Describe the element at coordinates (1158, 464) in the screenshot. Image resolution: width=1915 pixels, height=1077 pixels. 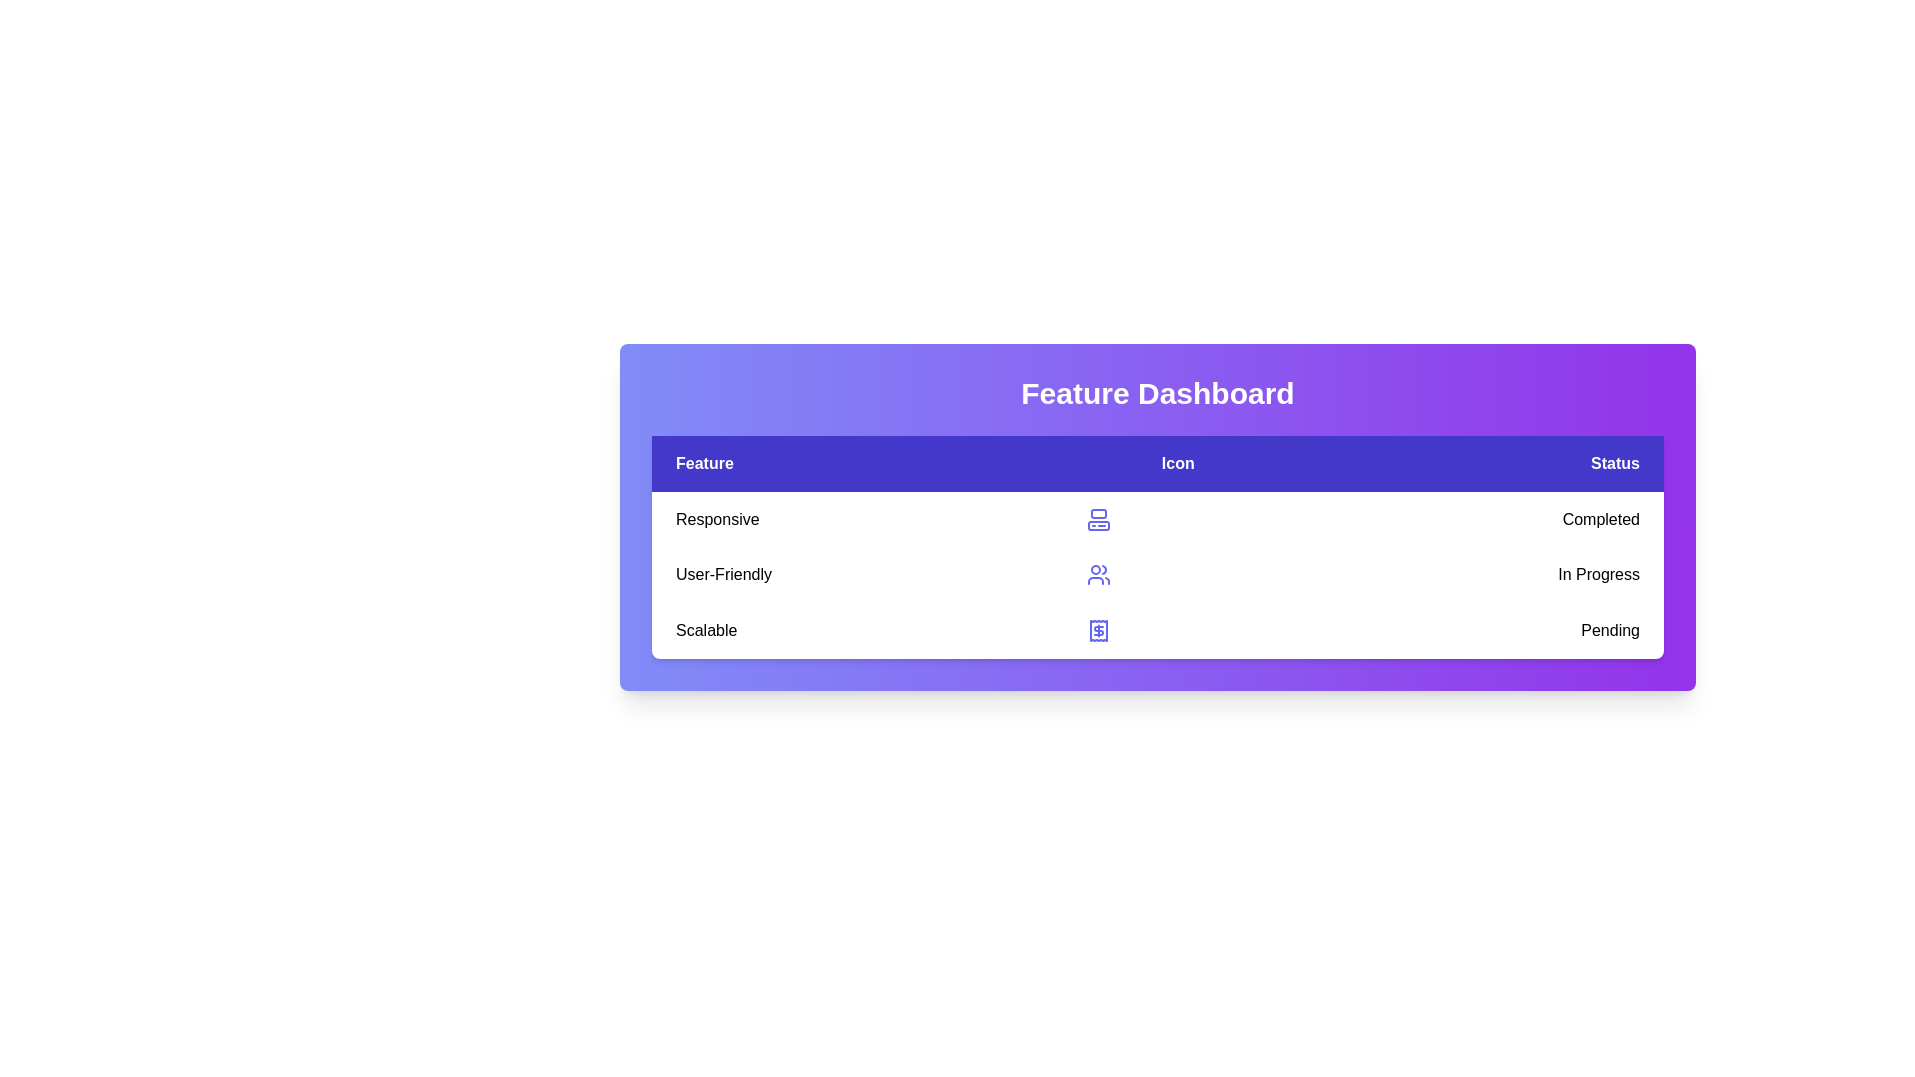
I see `the Table Header element that contains the labels 'Feature', 'Icon', and 'Status', which is styled with white text on a purple background` at that location.